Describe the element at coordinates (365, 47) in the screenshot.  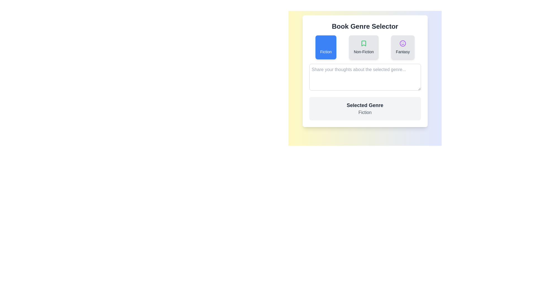
I see `the centrally positioned 'Non-Fiction' button in the grouped set of interactive buttons representing book genres: Fiction, Non-Fiction, and Fantasy` at that location.